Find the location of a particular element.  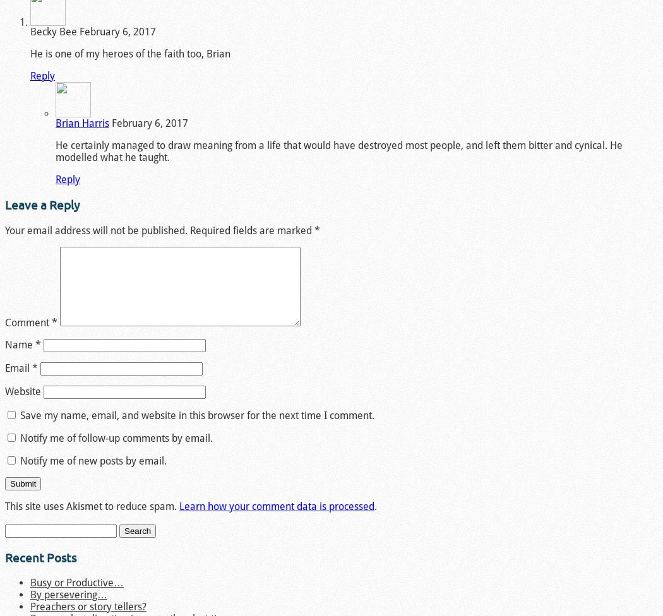

'Email' is located at coordinates (18, 368).